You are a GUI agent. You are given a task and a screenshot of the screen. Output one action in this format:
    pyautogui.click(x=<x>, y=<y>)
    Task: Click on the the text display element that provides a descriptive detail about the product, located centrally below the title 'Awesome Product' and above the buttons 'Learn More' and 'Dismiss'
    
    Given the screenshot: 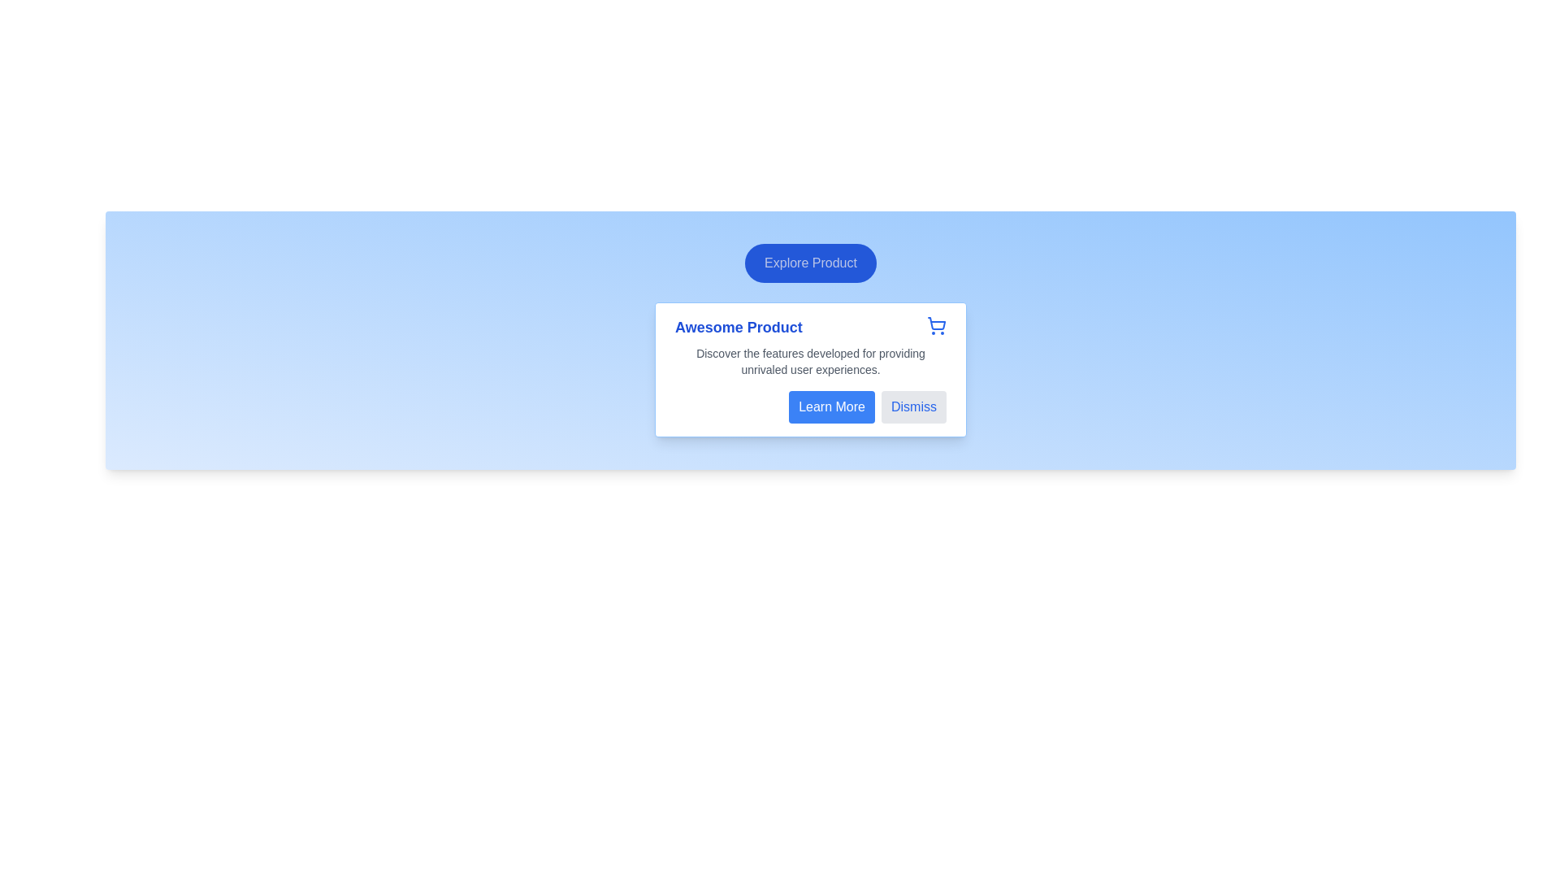 What is the action you would take?
    pyautogui.click(x=811, y=360)
    